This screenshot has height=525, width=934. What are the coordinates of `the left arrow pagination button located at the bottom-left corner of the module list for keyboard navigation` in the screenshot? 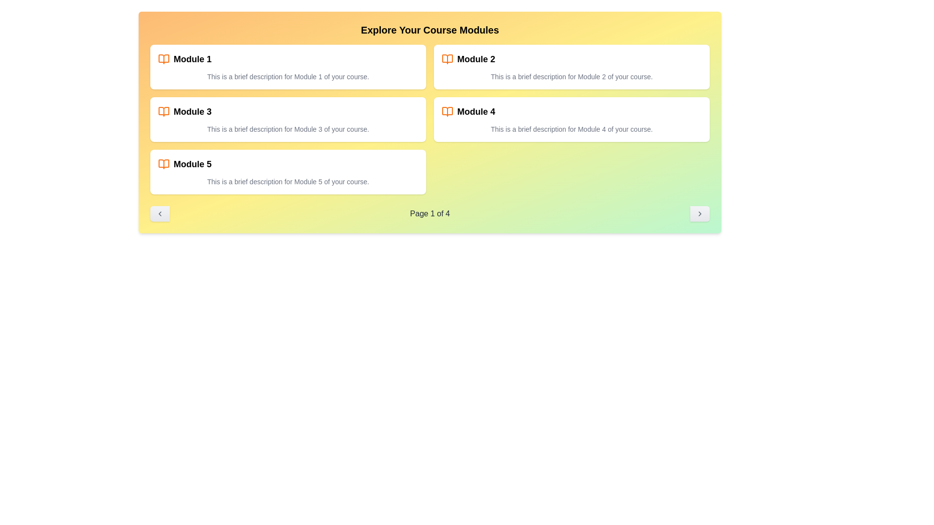 It's located at (160, 213).